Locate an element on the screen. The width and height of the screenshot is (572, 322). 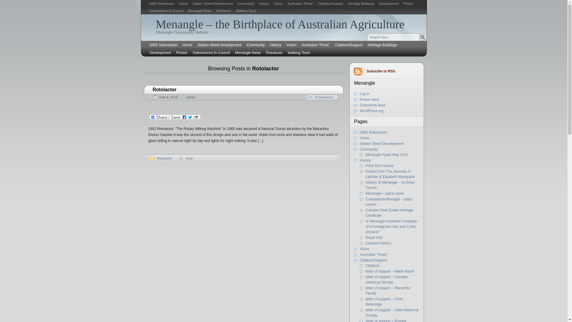
'8 comments' is located at coordinates (321, 97).